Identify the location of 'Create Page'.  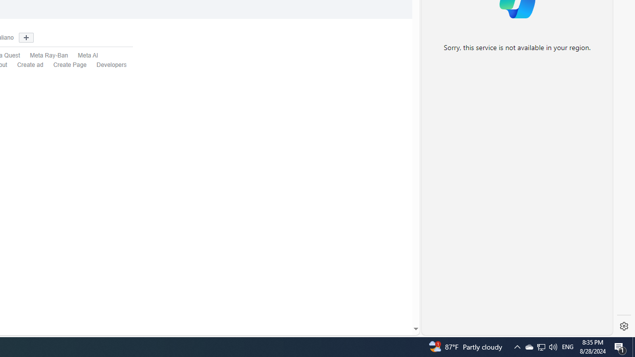
(64, 65).